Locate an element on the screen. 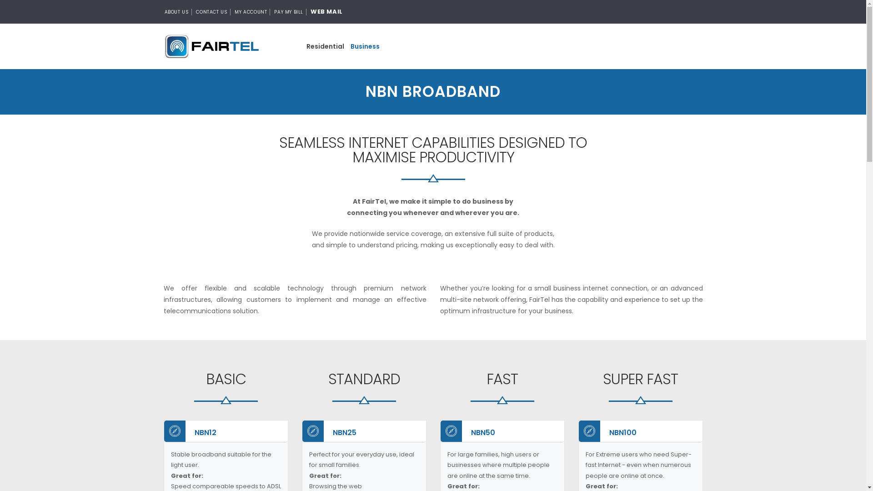 The image size is (873, 491). 'Residential' is located at coordinates (303, 46).